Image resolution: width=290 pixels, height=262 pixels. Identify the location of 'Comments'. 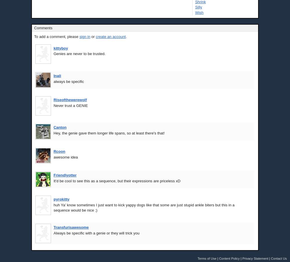
(43, 28).